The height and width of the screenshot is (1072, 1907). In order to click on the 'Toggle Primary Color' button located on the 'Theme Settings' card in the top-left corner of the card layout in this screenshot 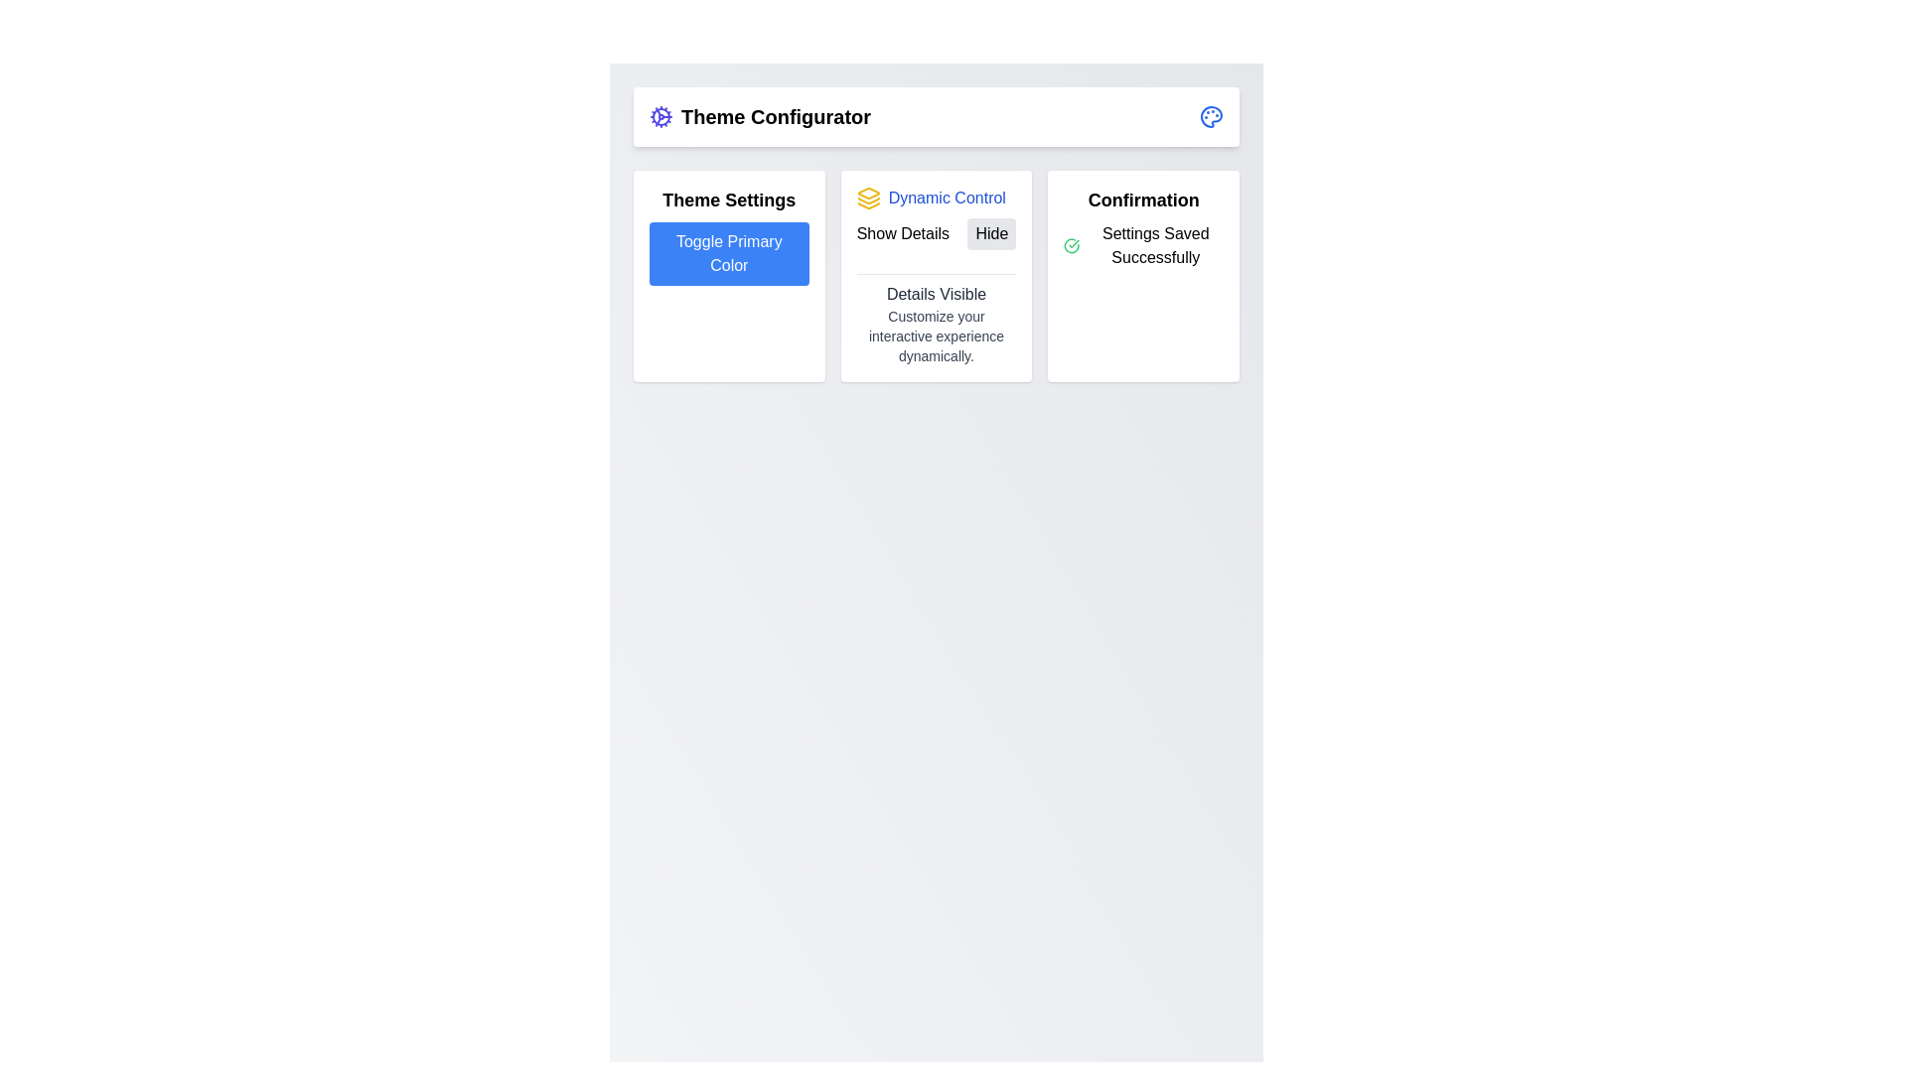, I will do `click(728, 276)`.